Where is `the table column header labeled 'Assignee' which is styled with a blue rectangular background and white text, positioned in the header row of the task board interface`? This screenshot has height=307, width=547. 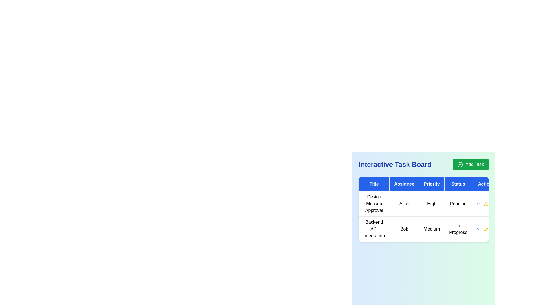
the table column header labeled 'Assignee' which is styled with a blue rectangular background and white text, positioned in the header row of the task board interface is located at coordinates (404, 184).